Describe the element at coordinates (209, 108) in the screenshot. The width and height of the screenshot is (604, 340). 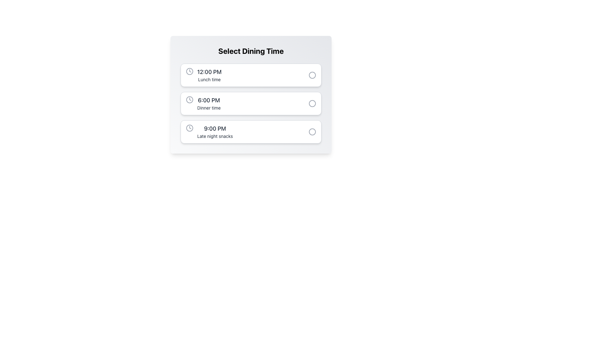
I see `text label indicating 'Dinner time' located below the '6:00 PM' text in the dining time options list` at that location.